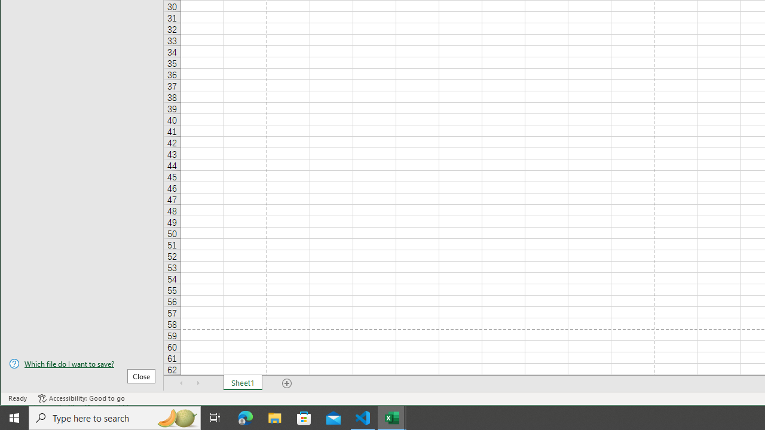 The width and height of the screenshot is (765, 430). What do you see at coordinates (81, 398) in the screenshot?
I see `'Accessibility Checker Accessibility: Good to go'` at bounding box center [81, 398].